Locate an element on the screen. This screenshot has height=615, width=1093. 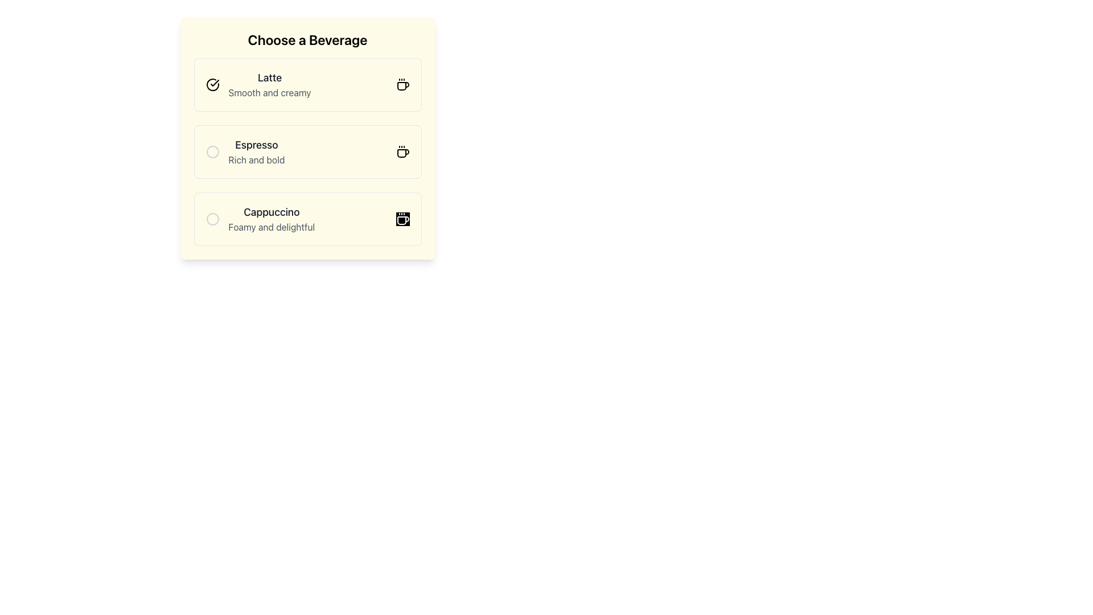
textual description of the beverage option titled 'Latte', which includes the title in bold and the subtitle 'Smooth and creamy', located at the center of the element in the list titled 'Choose a Beverage' is located at coordinates (269, 84).